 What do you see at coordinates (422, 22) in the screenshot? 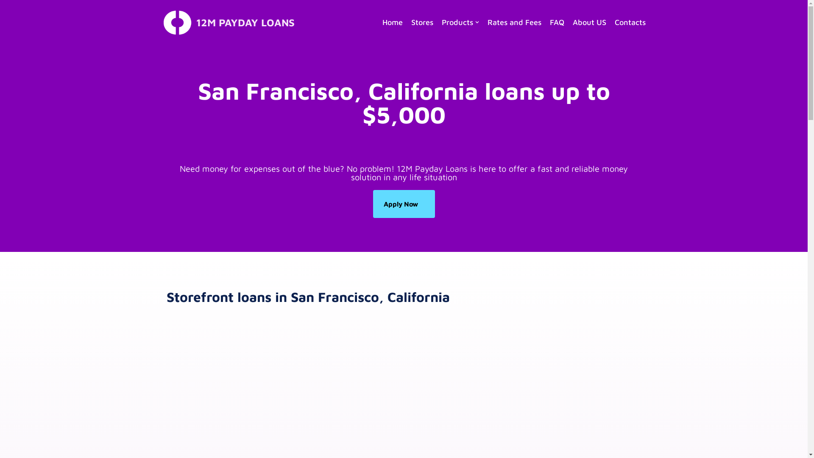
I see `'Stores'` at bounding box center [422, 22].